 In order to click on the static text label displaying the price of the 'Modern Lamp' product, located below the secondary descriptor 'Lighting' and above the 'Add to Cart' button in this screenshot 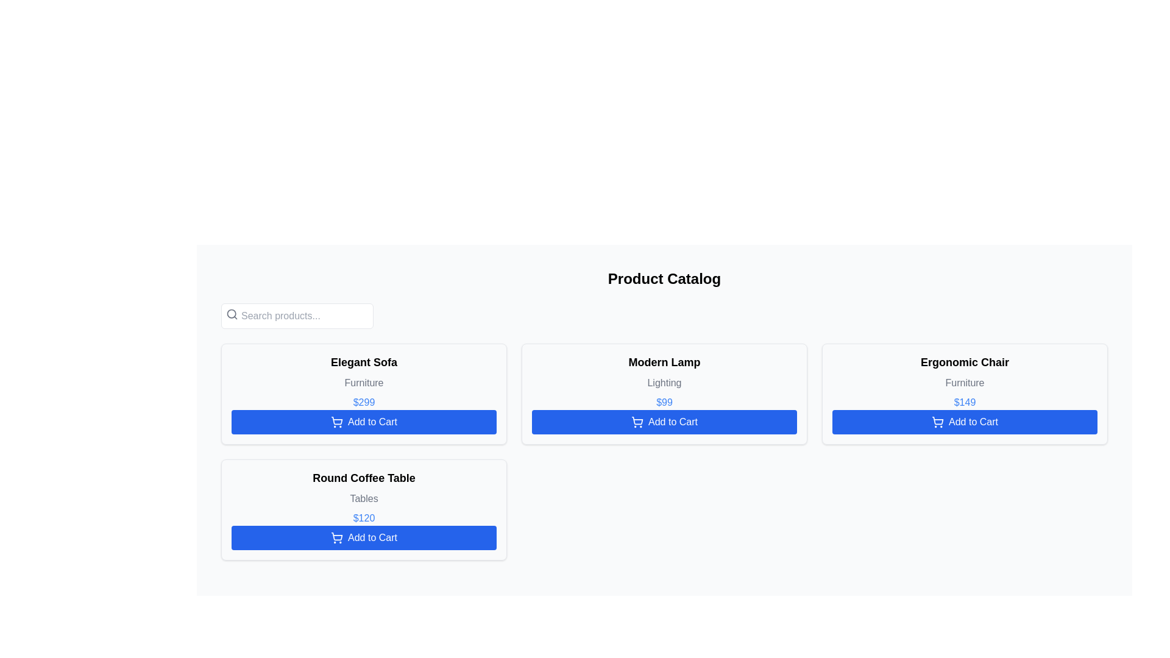, I will do `click(664, 402)`.